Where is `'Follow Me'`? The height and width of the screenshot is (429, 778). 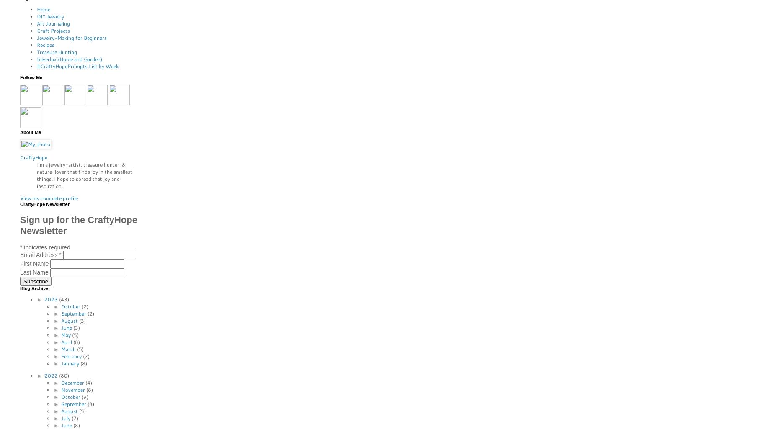
'Follow Me' is located at coordinates (31, 77).